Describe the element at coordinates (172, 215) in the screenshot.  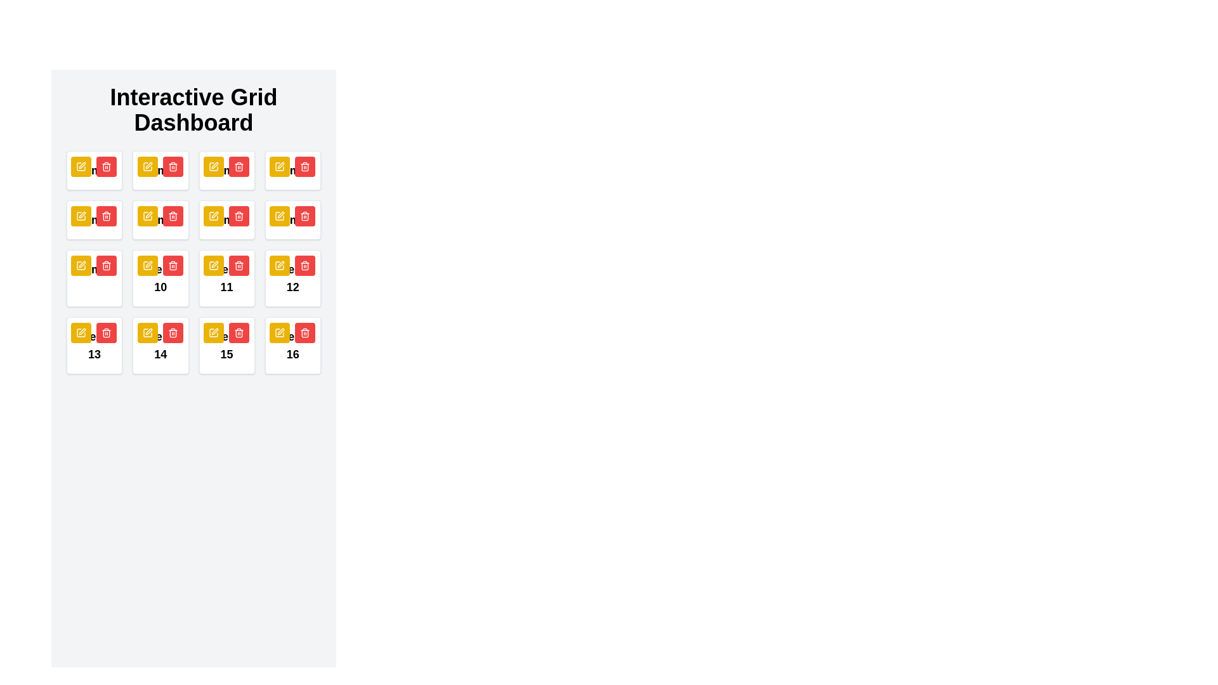
I see `the second interactive button in the top-right corner of the card, which has a trash bin icon for deleting an associated item` at that location.